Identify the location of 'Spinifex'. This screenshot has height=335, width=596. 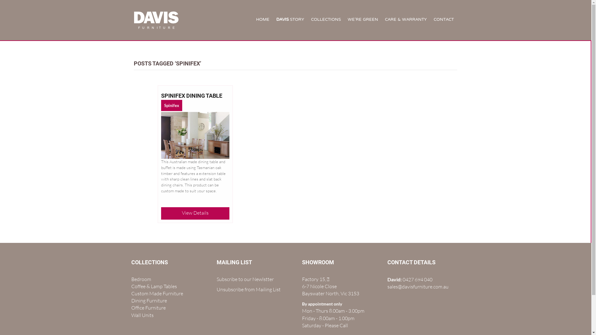
(171, 105).